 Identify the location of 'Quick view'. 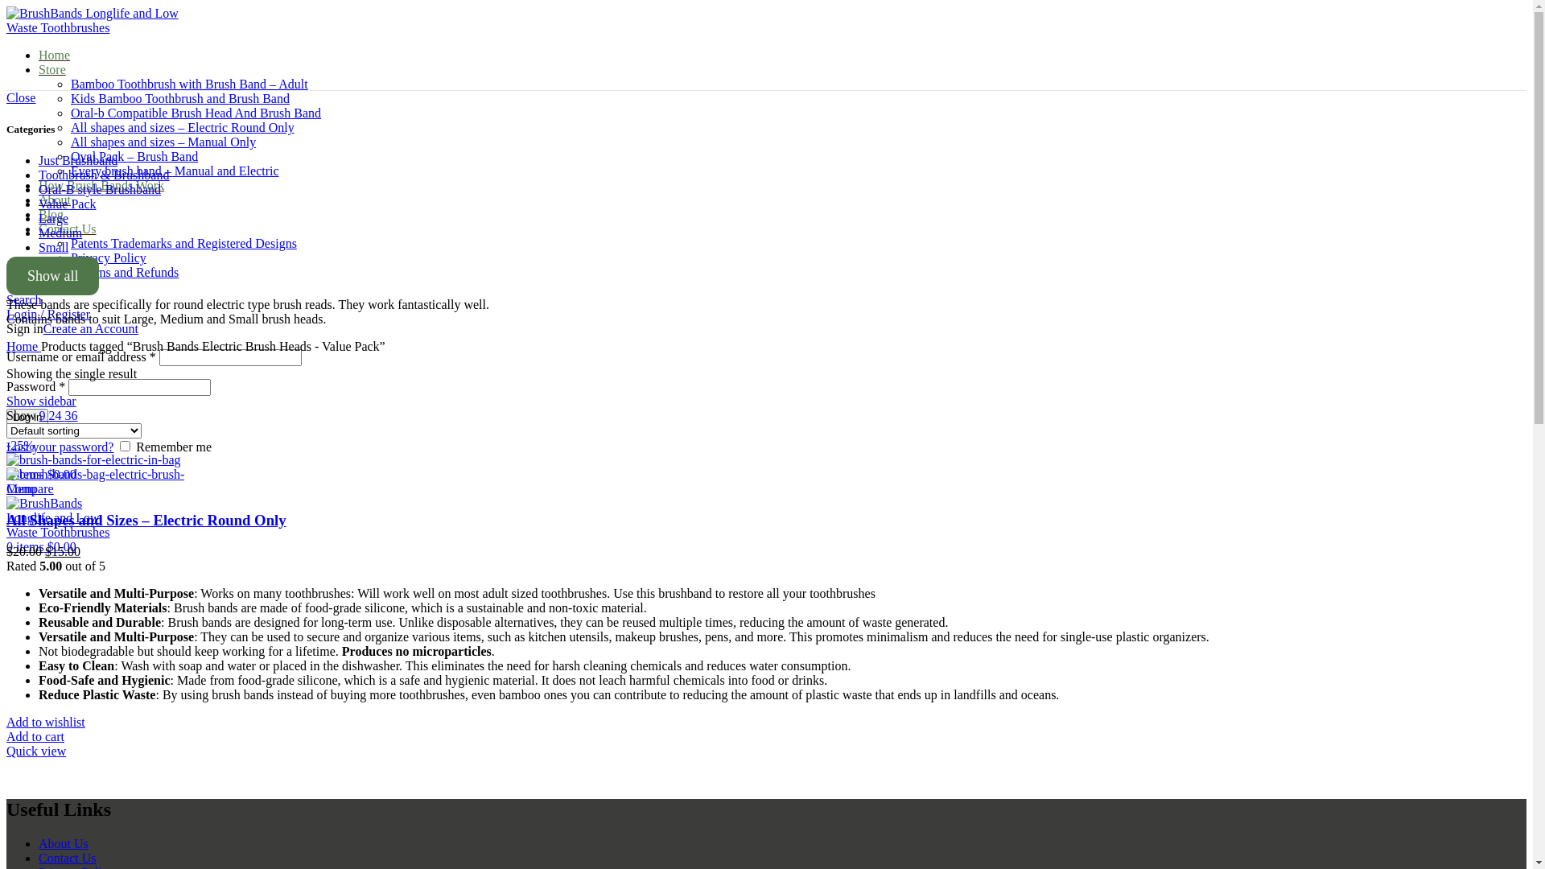
(6, 751).